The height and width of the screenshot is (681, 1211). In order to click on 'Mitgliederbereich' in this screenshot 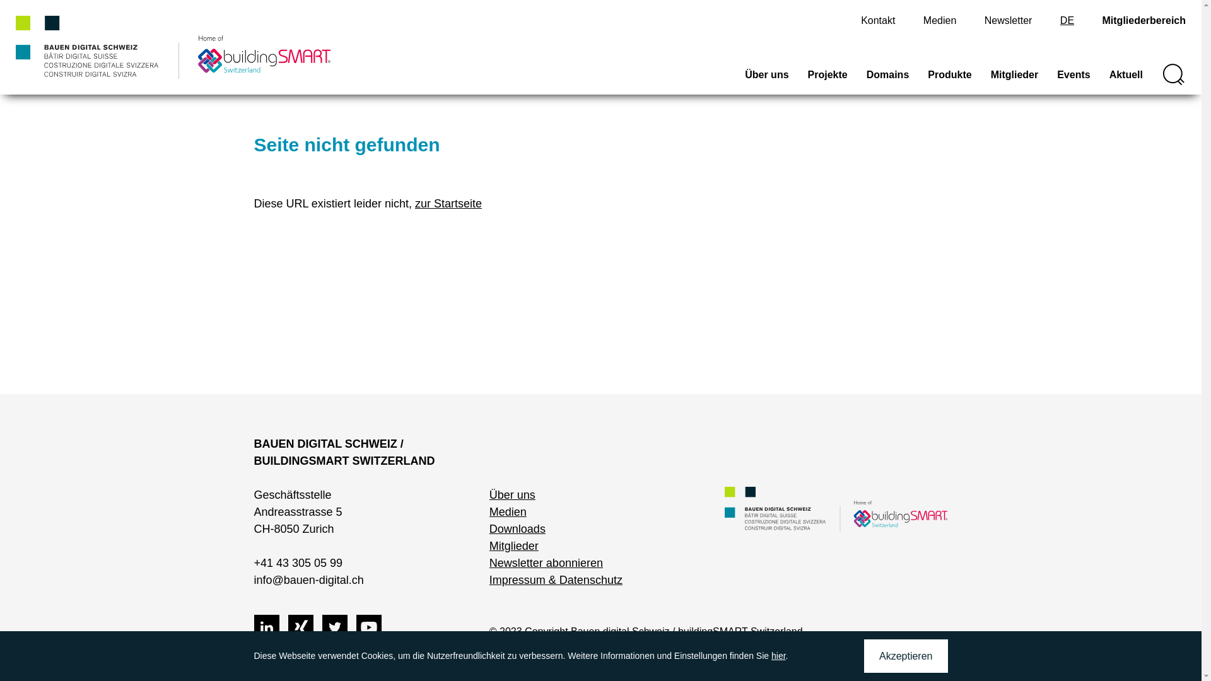, I will do `click(1144, 20)`.